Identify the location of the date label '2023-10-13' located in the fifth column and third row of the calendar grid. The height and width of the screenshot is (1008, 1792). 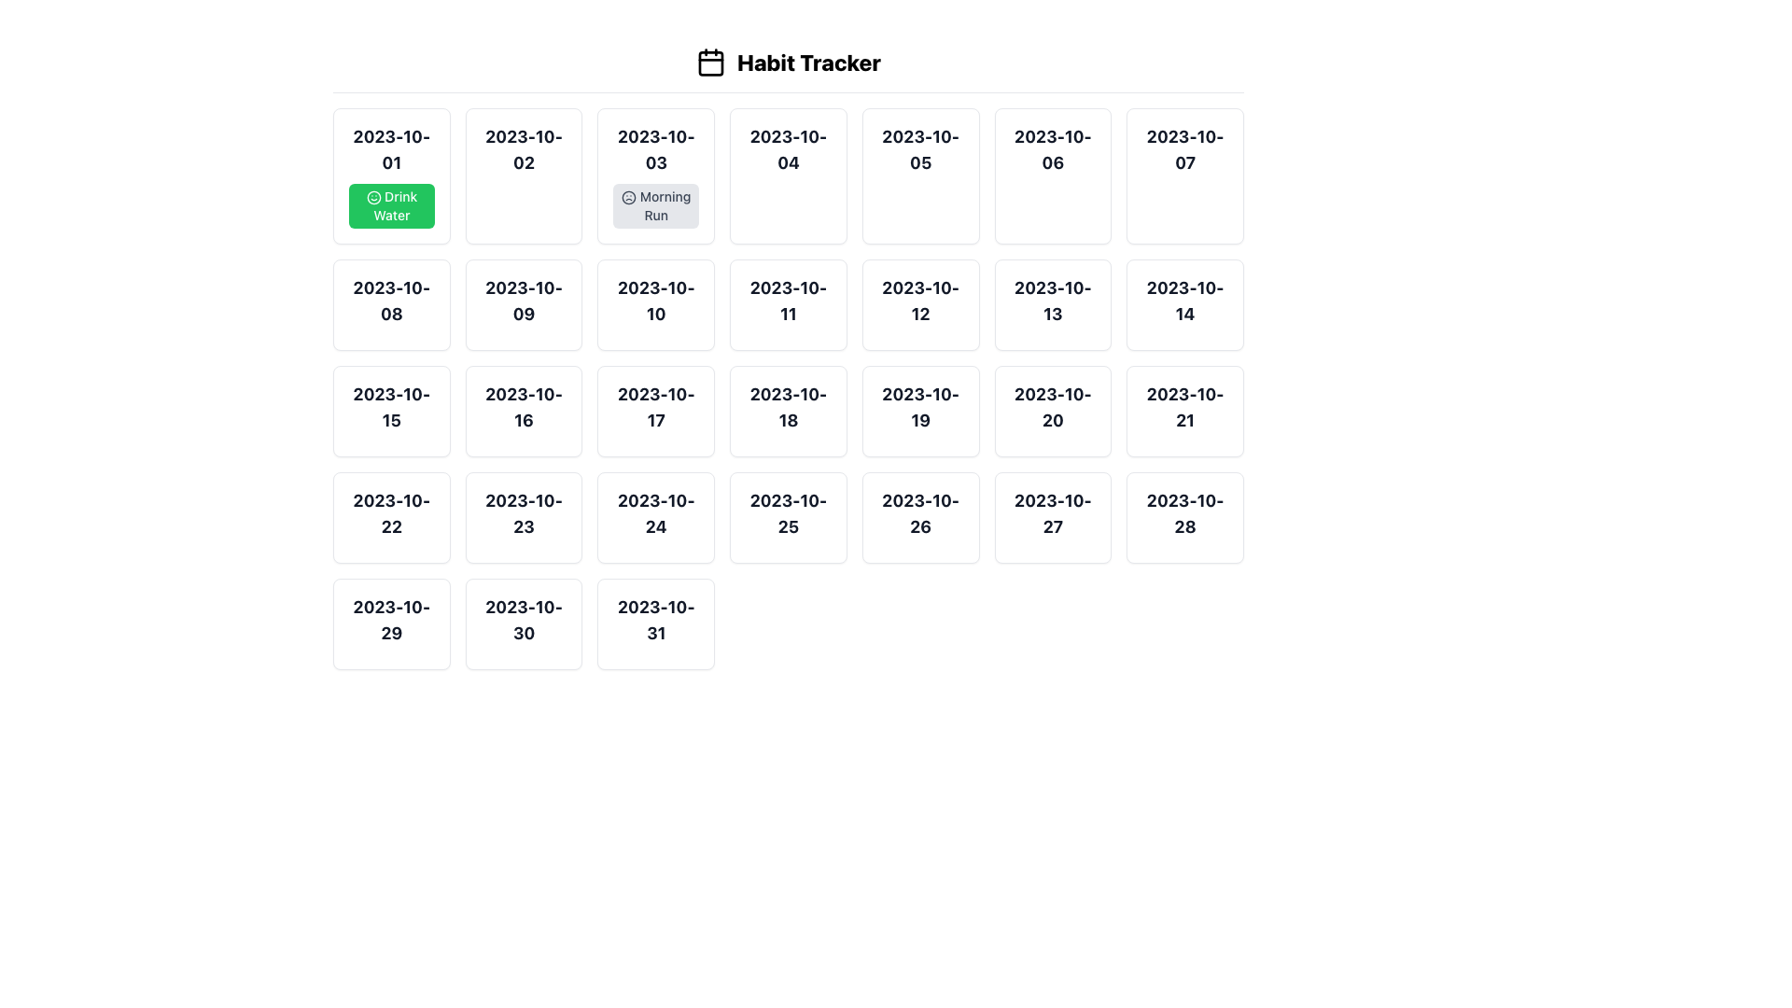
(1053, 301).